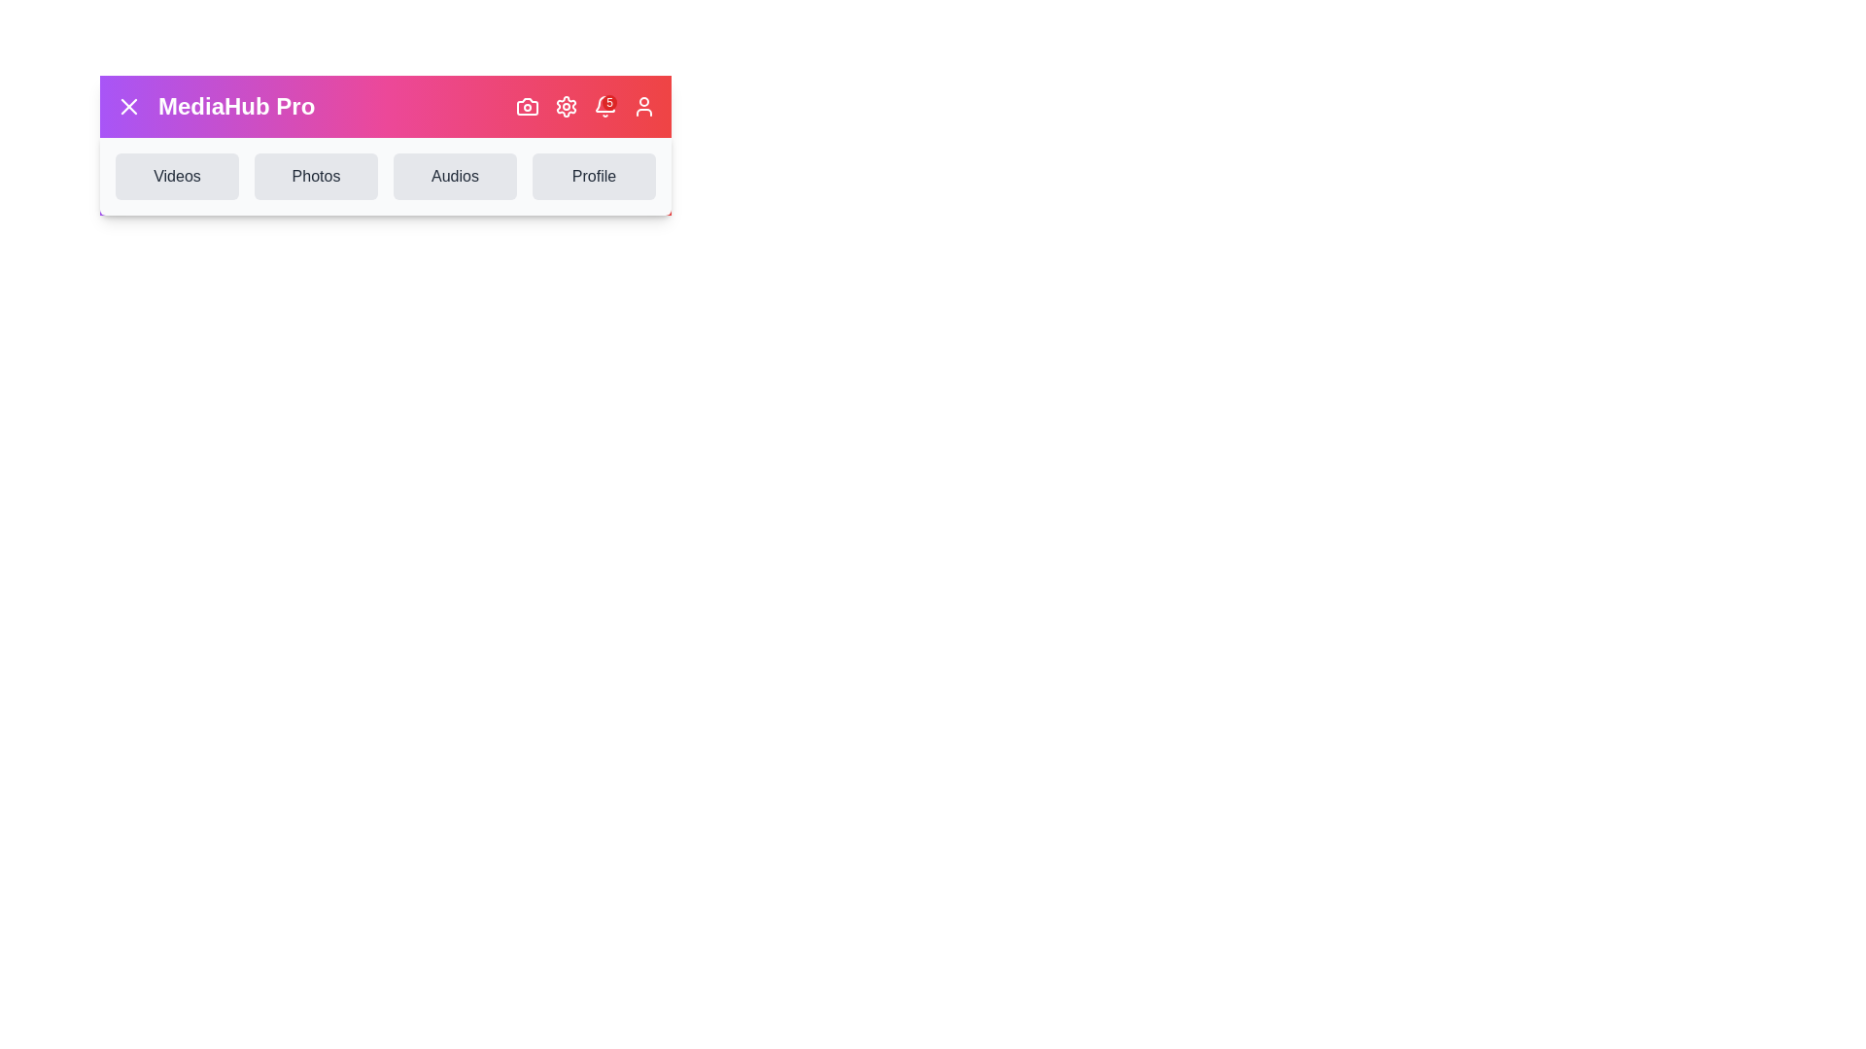 This screenshot has height=1049, width=1866. I want to click on the menu item Videos to navigate to the respective section, so click(177, 176).